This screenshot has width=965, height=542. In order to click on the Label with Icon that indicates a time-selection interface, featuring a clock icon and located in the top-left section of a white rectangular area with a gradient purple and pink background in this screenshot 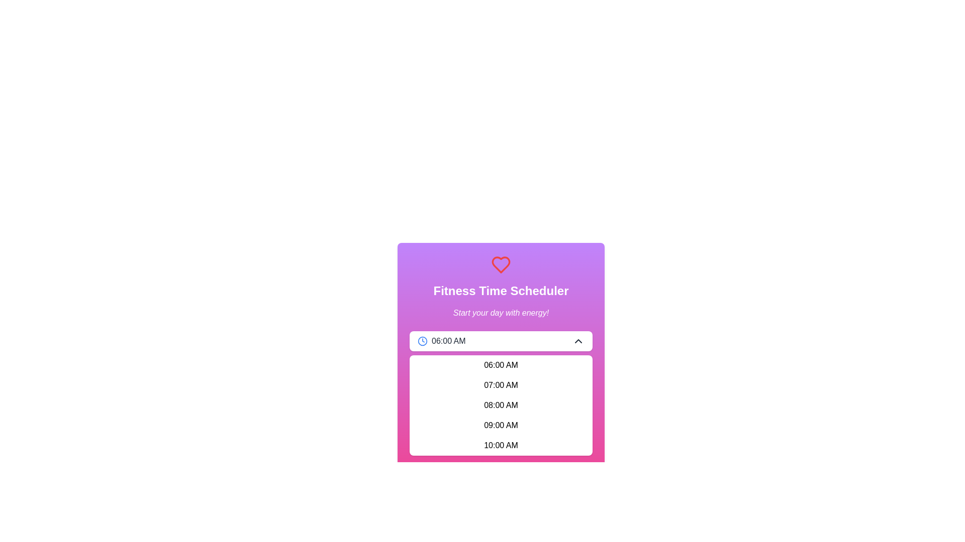, I will do `click(441, 340)`.